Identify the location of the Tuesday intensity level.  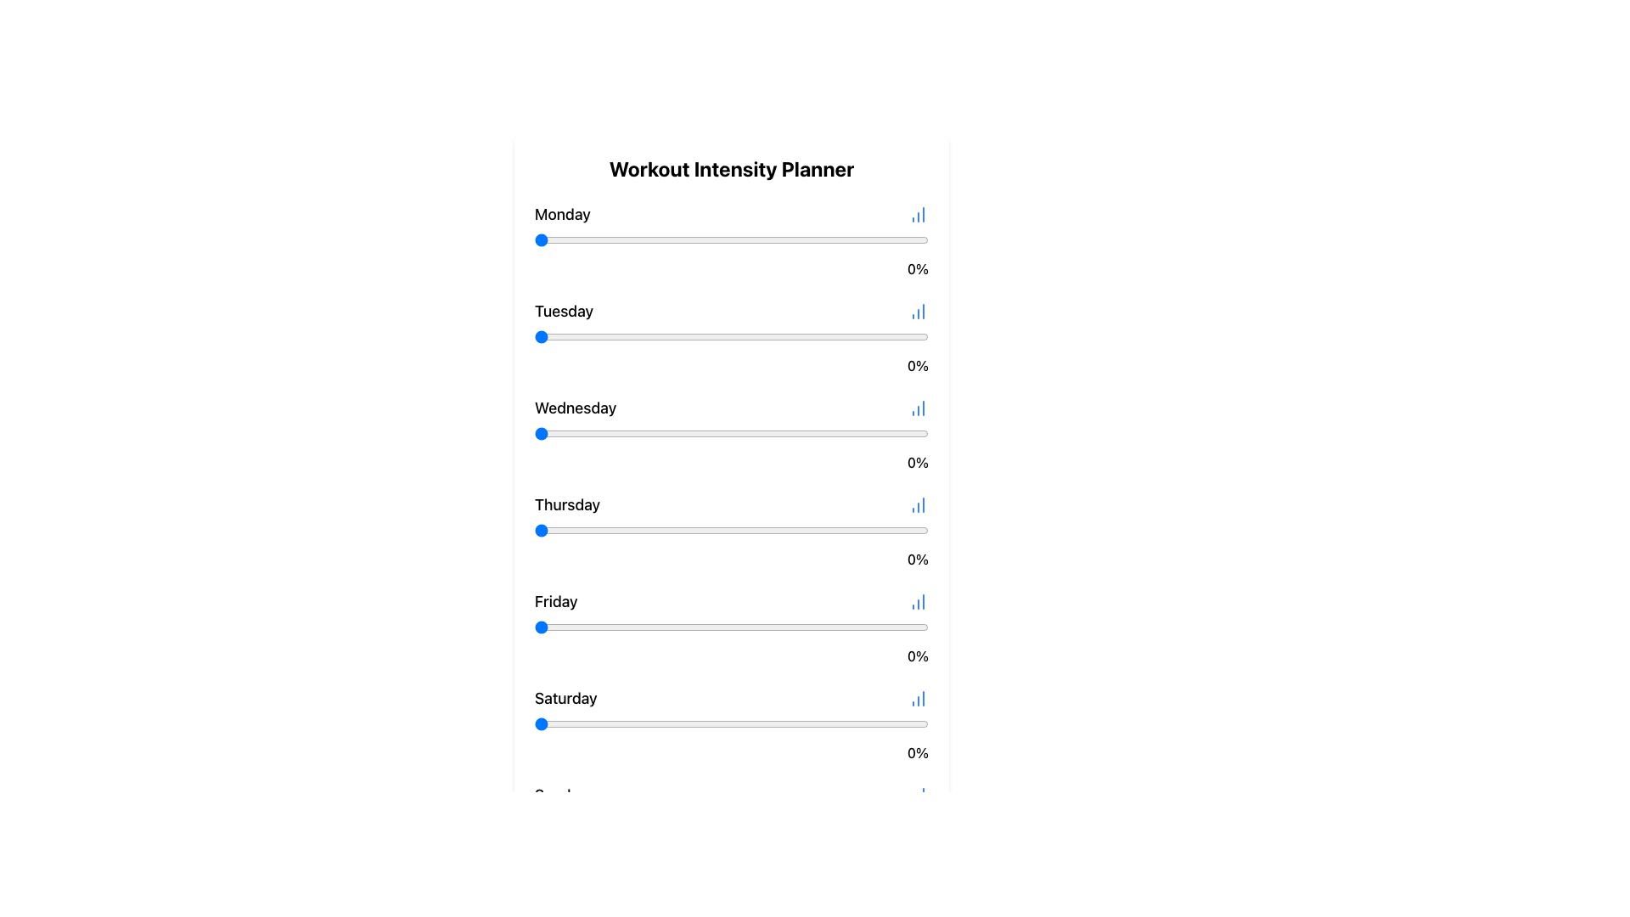
(747, 337).